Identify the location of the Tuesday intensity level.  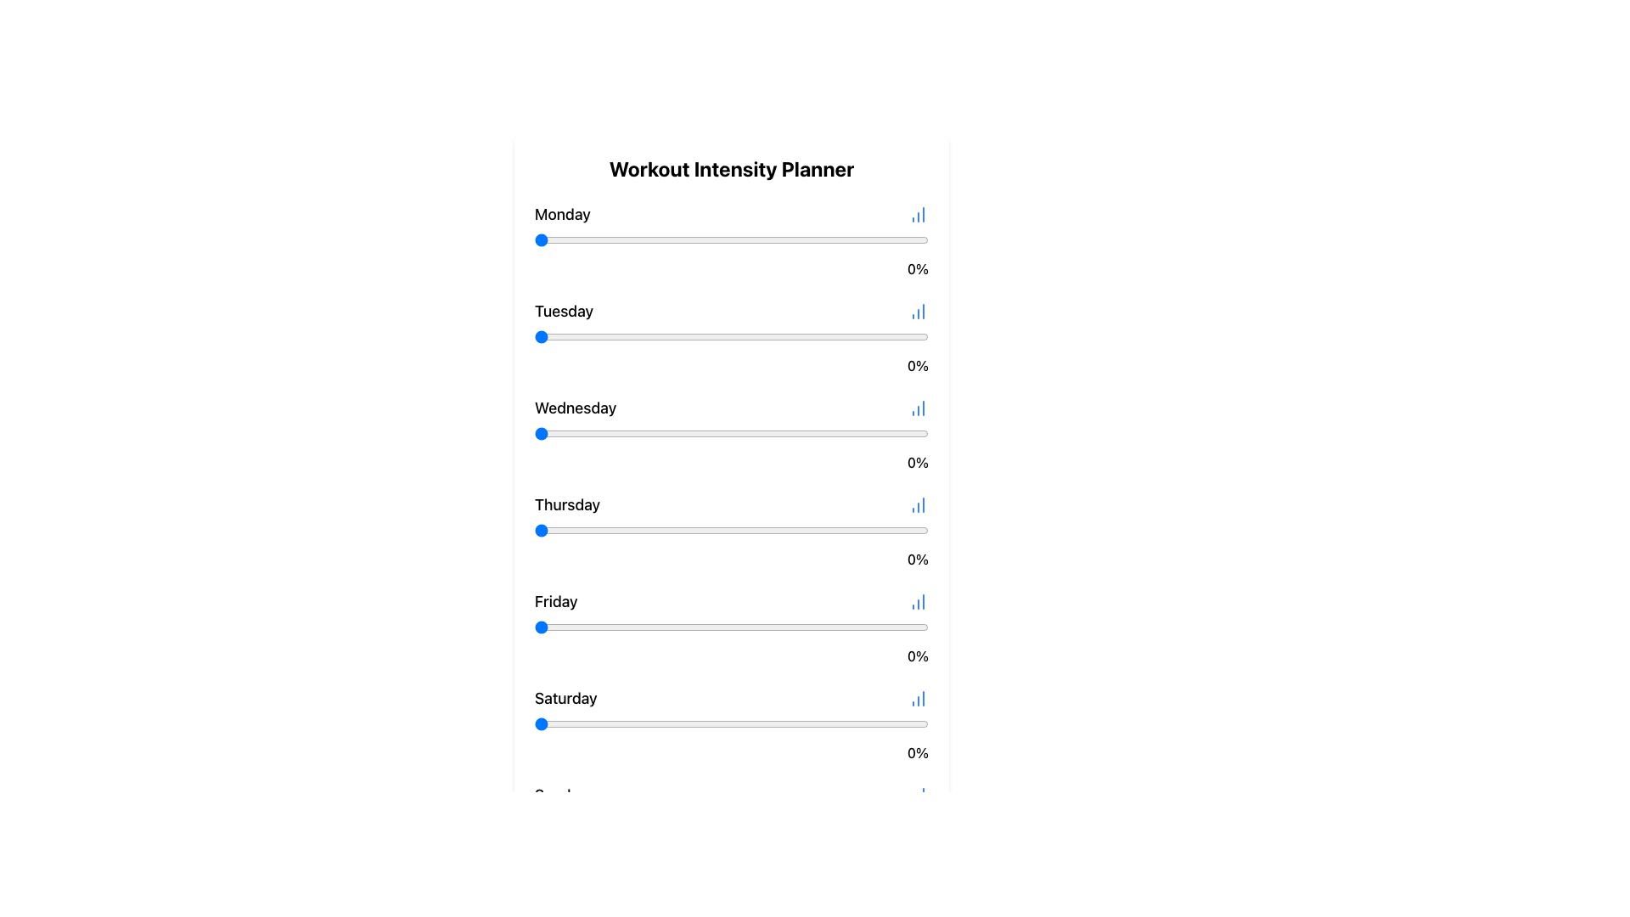
(747, 337).